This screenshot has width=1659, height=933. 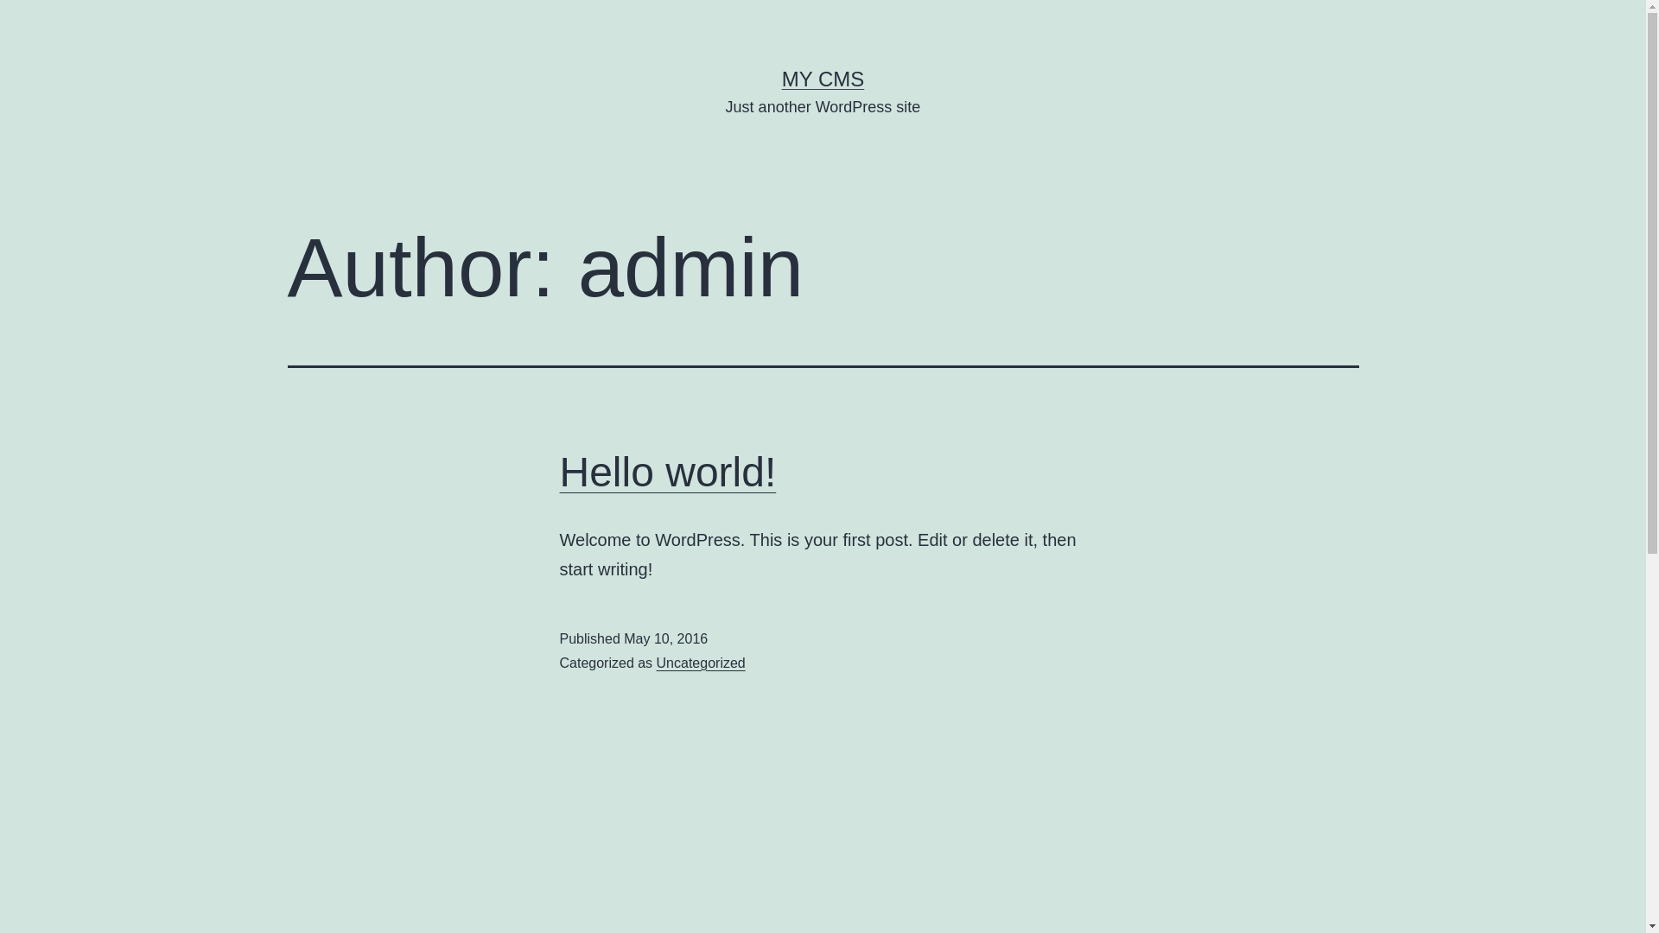 I want to click on 'Uncategorized', so click(x=655, y=662).